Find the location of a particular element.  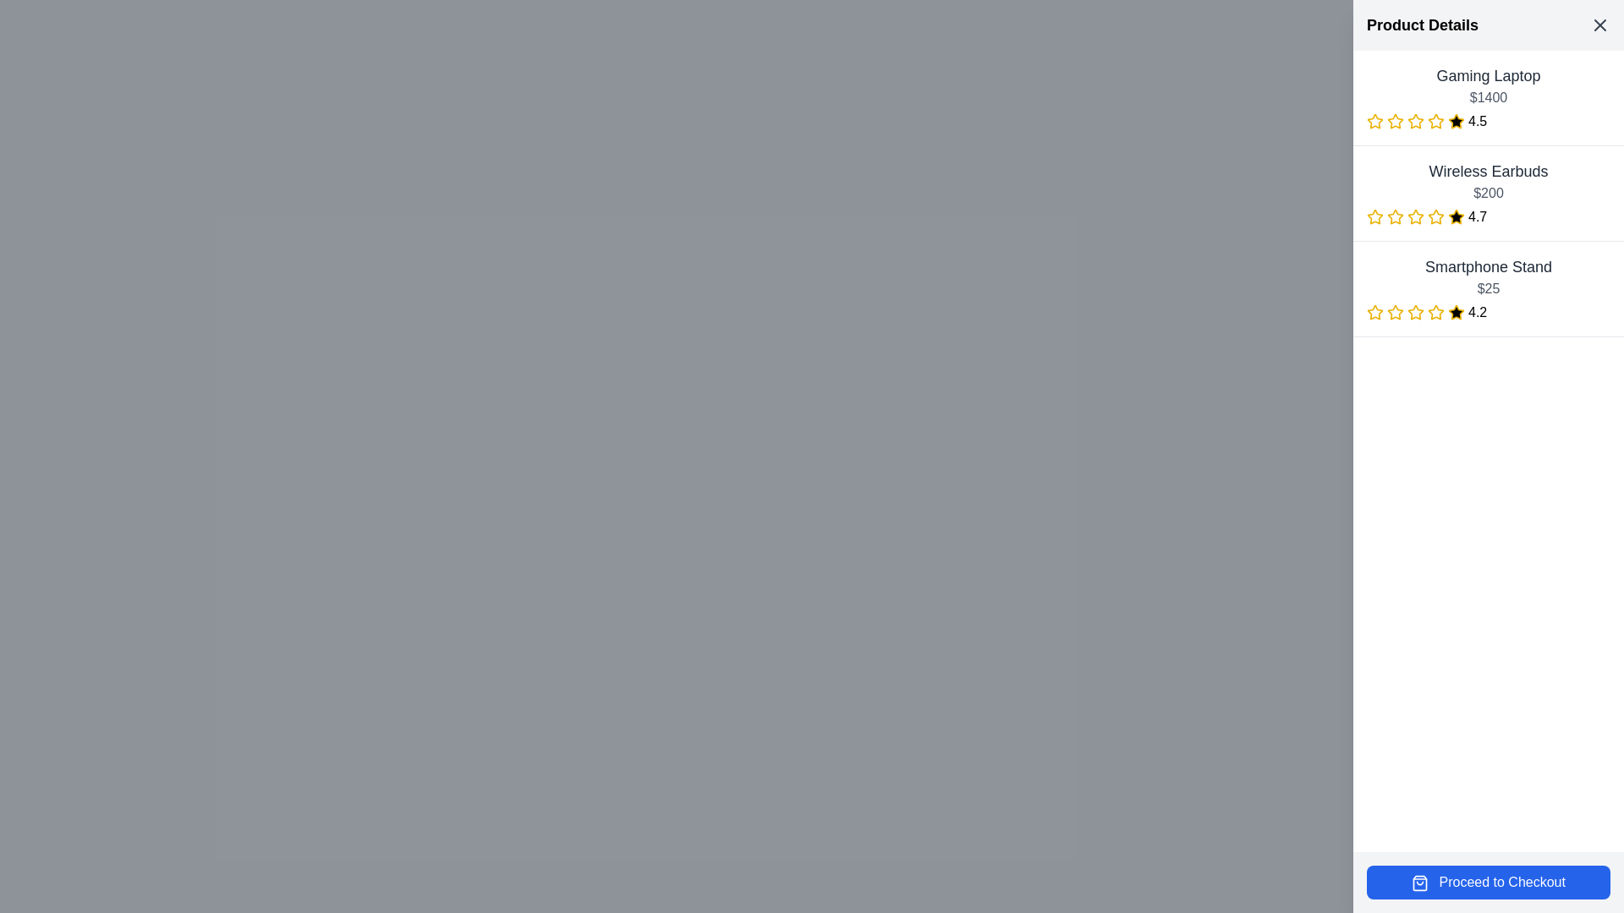

the price label displaying the cost of the 'Smartphone Stand', which is centrally aligned under the title in the item details section is located at coordinates (1489, 288).